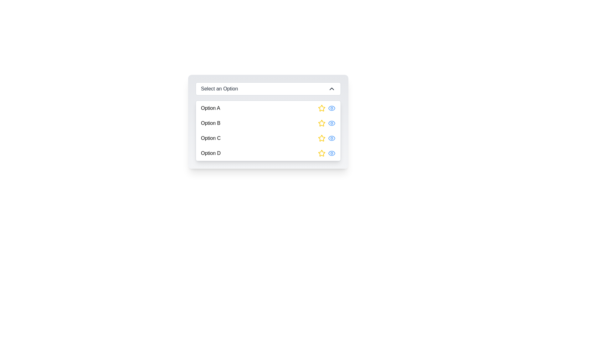 Image resolution: width=601 pixels, height=338 pixels. I want to click on the star icon, which serves as a marker for 'Option B', so click(321, 123).